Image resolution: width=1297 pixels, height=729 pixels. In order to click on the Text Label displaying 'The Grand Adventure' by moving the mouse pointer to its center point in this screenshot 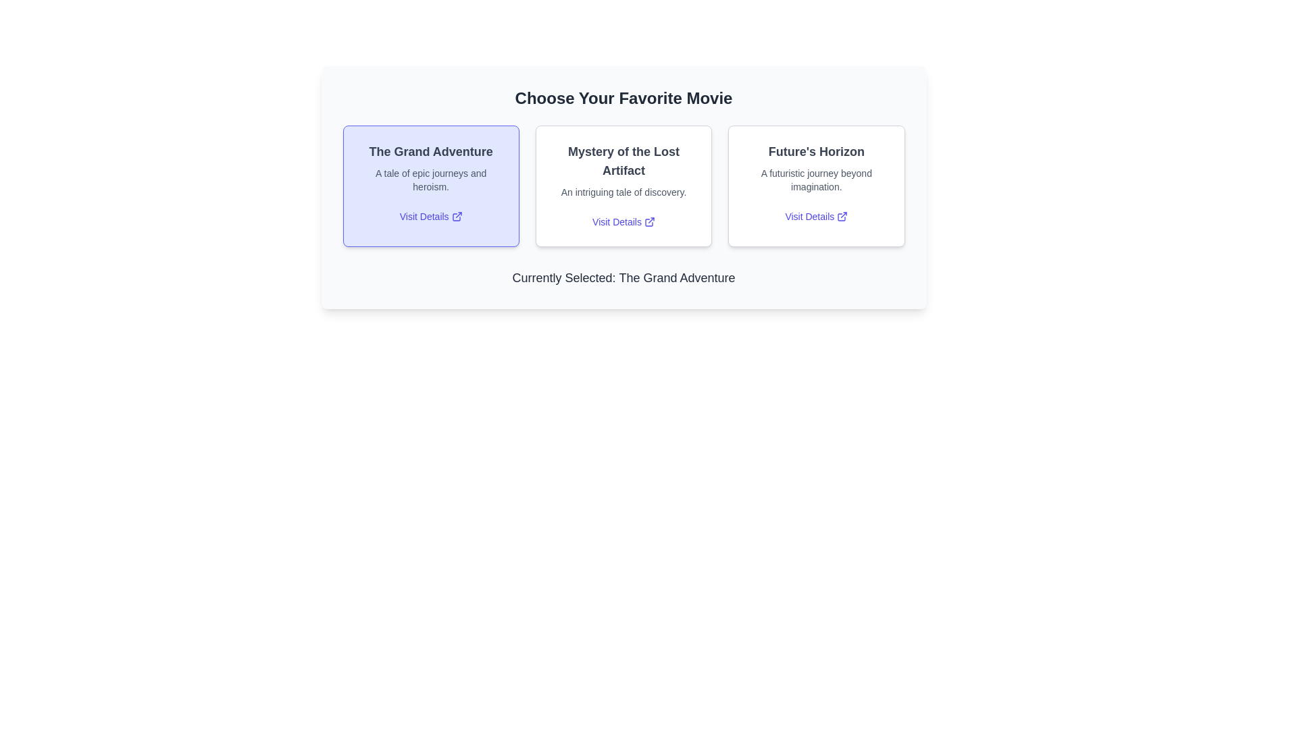, I will do `click(430, 151)`.